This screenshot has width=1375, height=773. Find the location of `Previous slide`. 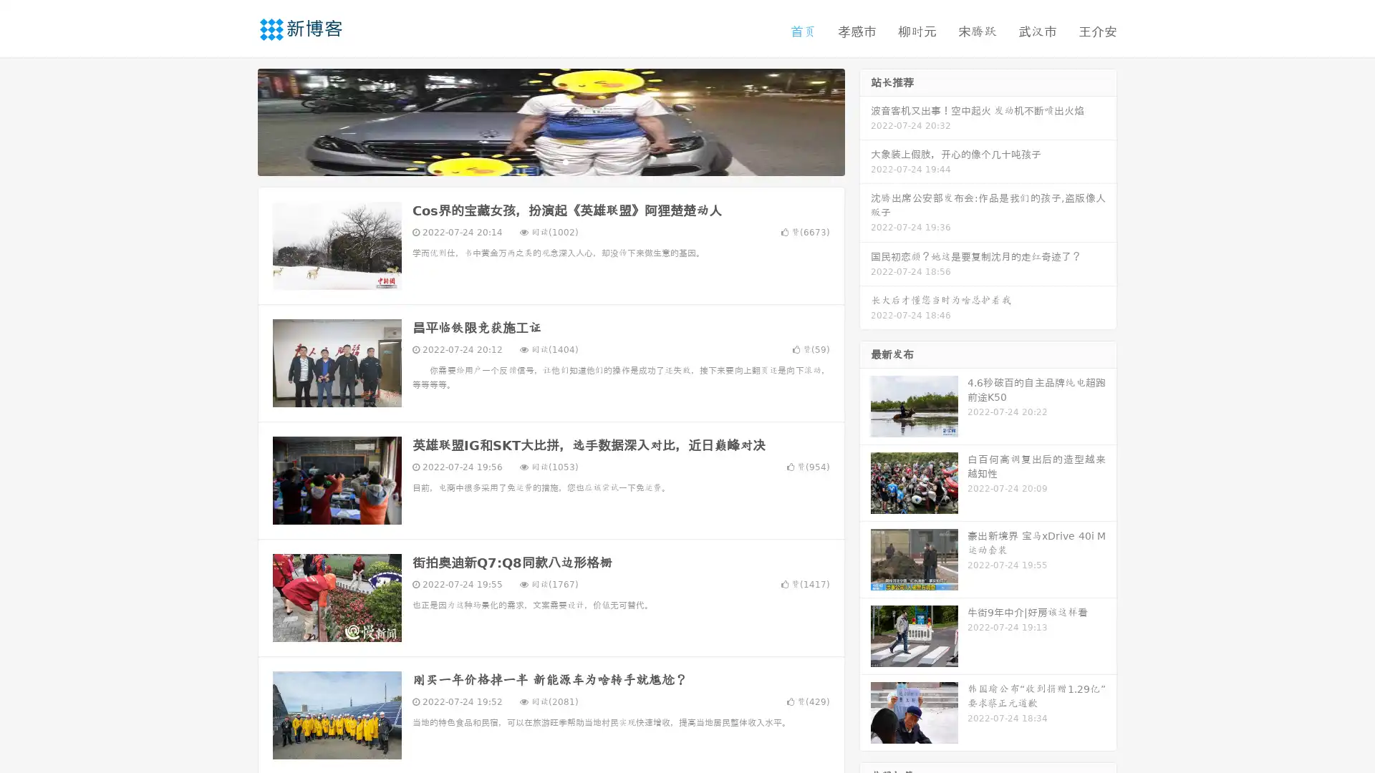

Previous slide is located at coordinates (236, 120).